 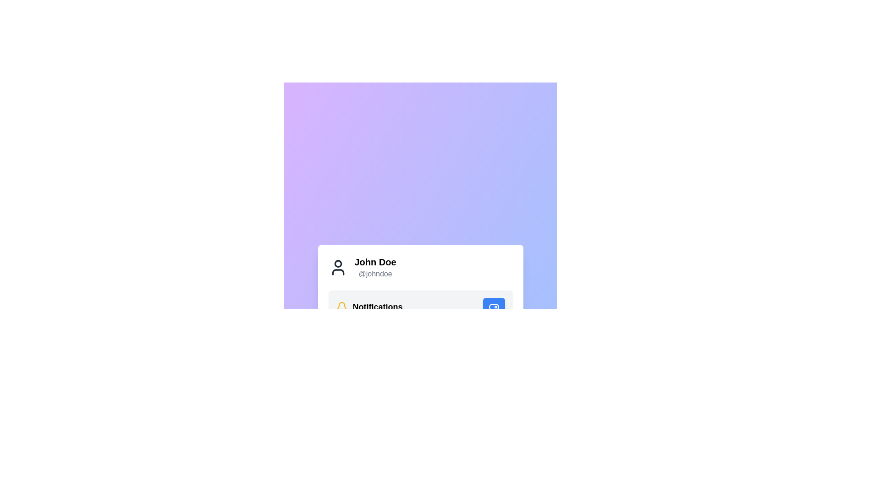 I want to click on the toggle switch located within the dropdown button under the 'John Doe' section to switch its state, so click(x=493, y=307).